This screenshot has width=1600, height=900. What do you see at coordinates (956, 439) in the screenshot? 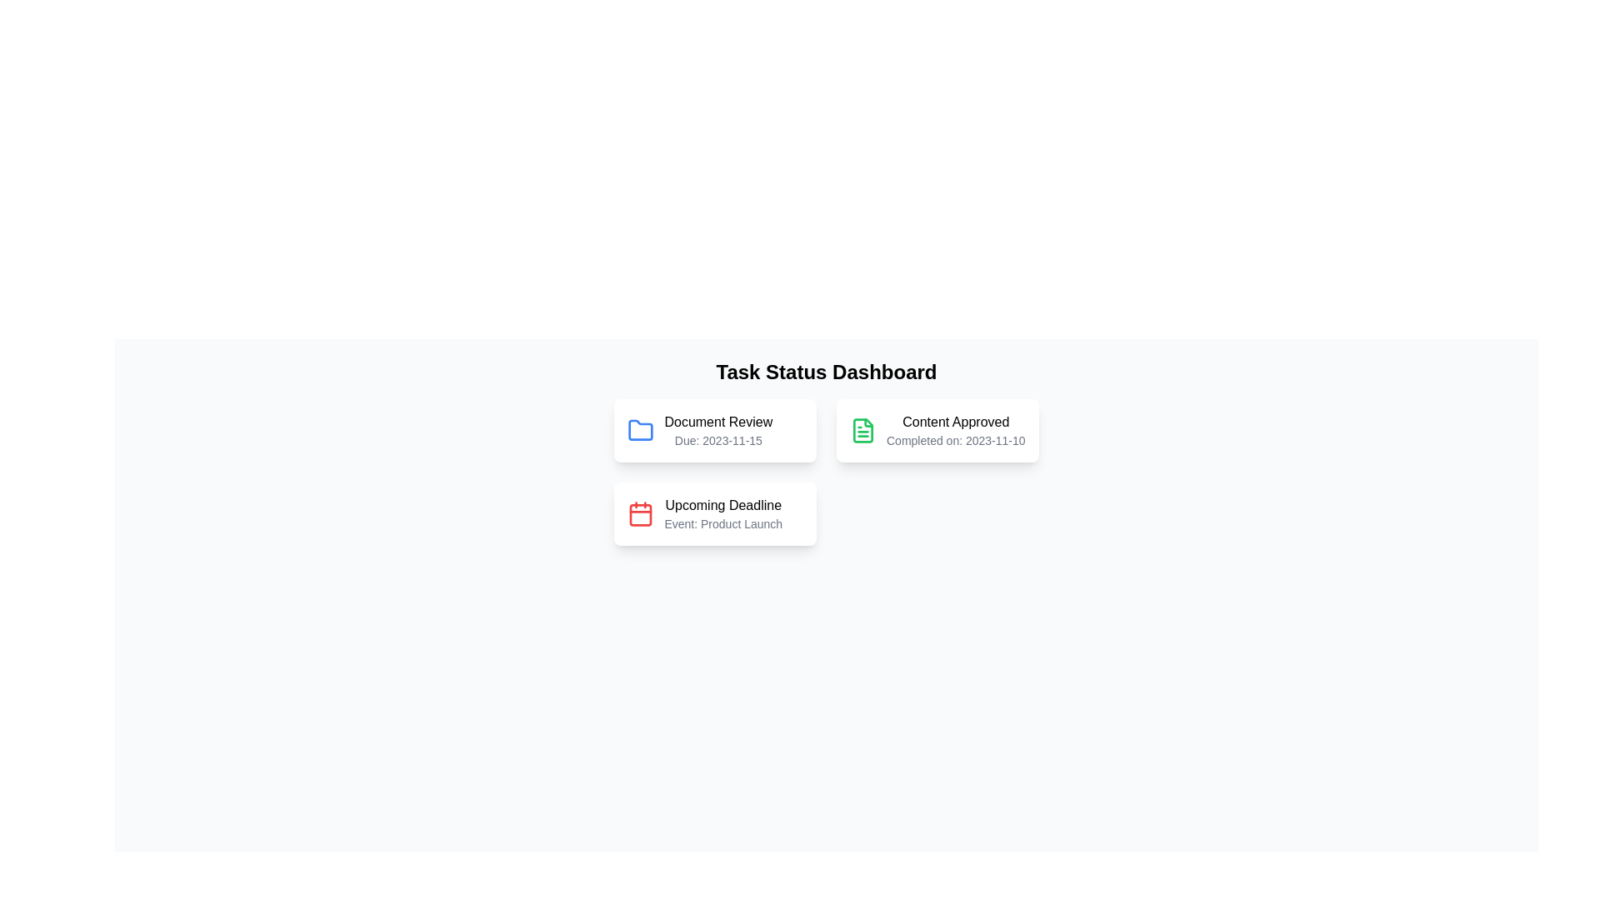
I see `the static text displaying 'Completed on: 2023-11-10', which is located beneath the 'Content Approved' title in the card labeled 'Content Approved'` at bounding box center [956, 439].